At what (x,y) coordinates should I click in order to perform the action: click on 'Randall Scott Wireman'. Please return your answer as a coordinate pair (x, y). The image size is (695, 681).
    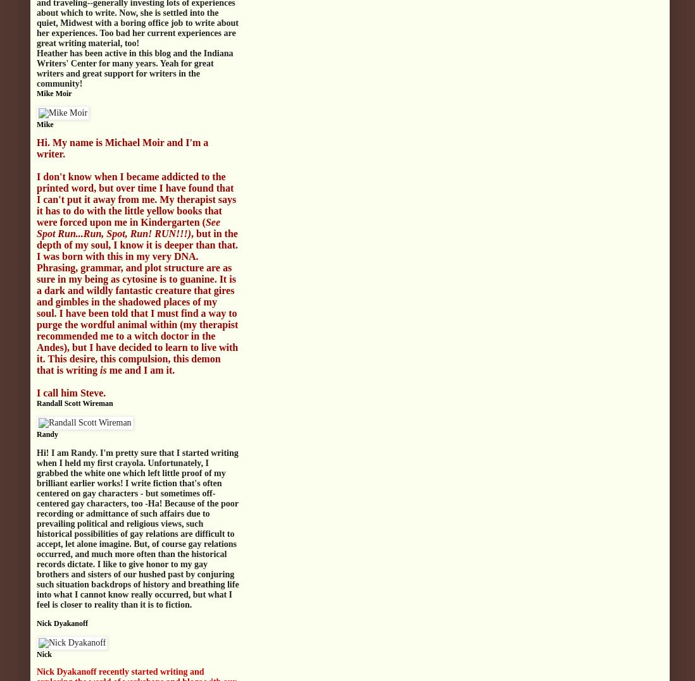
    Looking at the image, I should click on (35, 403).